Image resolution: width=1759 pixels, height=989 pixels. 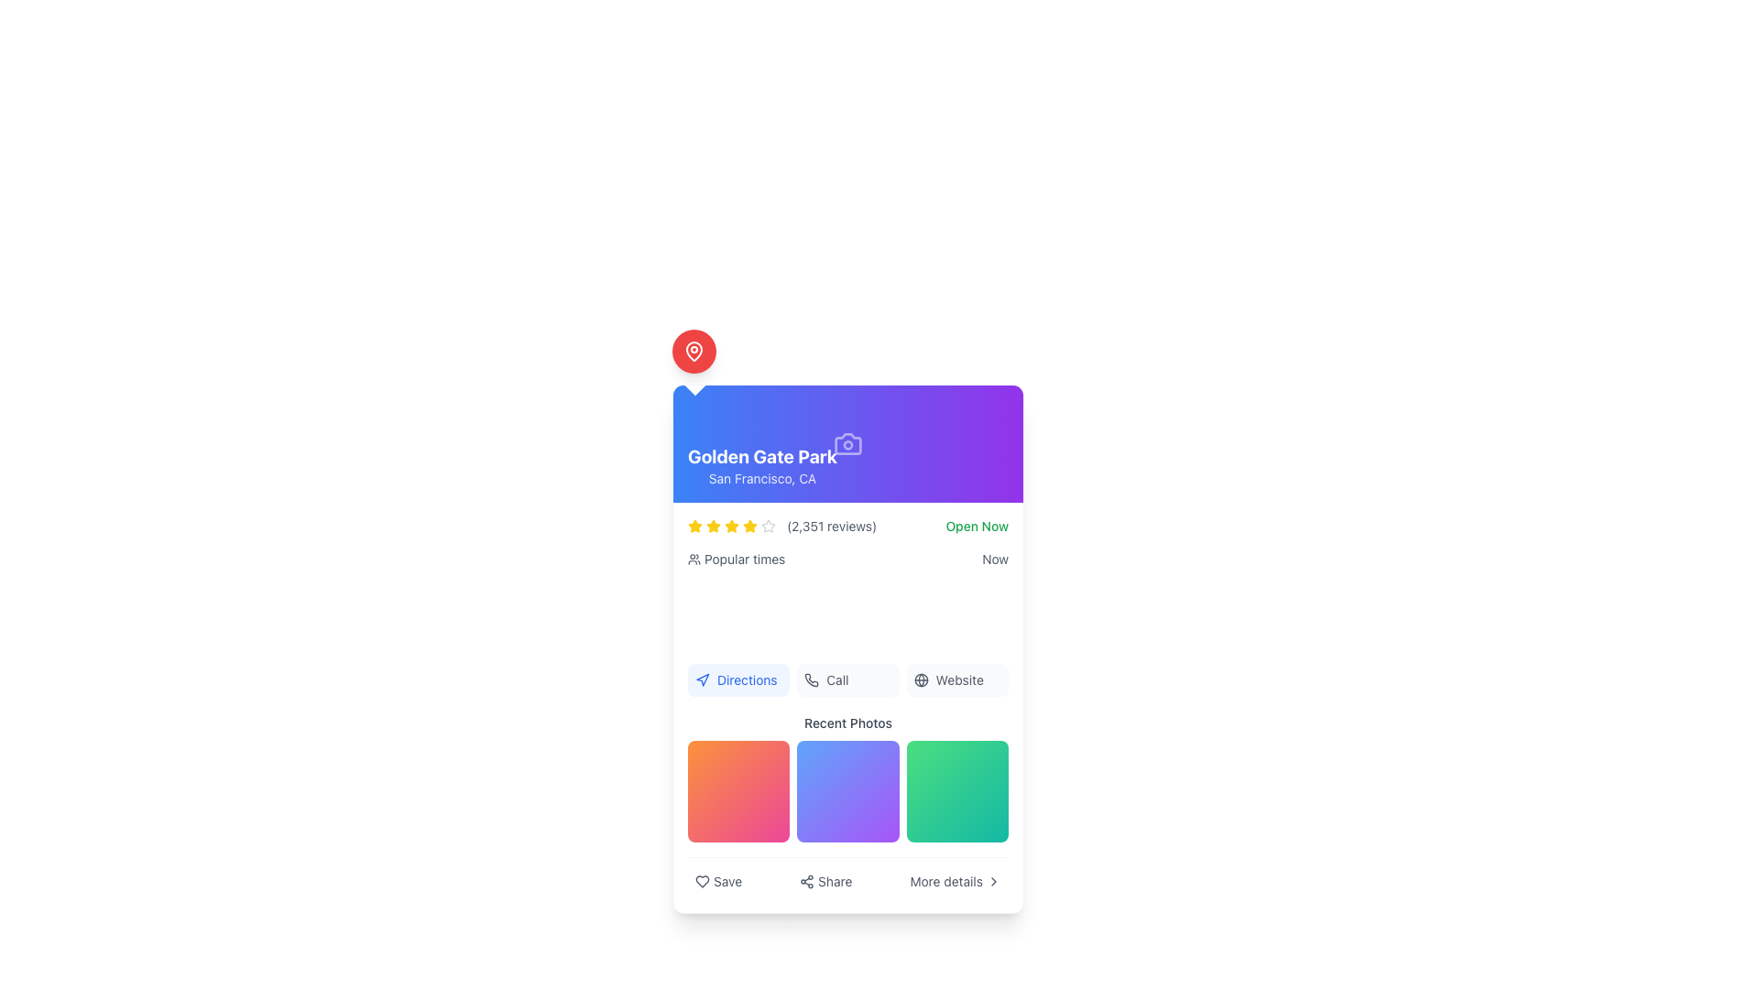 What do you see at coordinates (702, 881) in the screenshot?
I see `the heart icon located at the bottom left section of the card interface` at bounding box center [702, 881].